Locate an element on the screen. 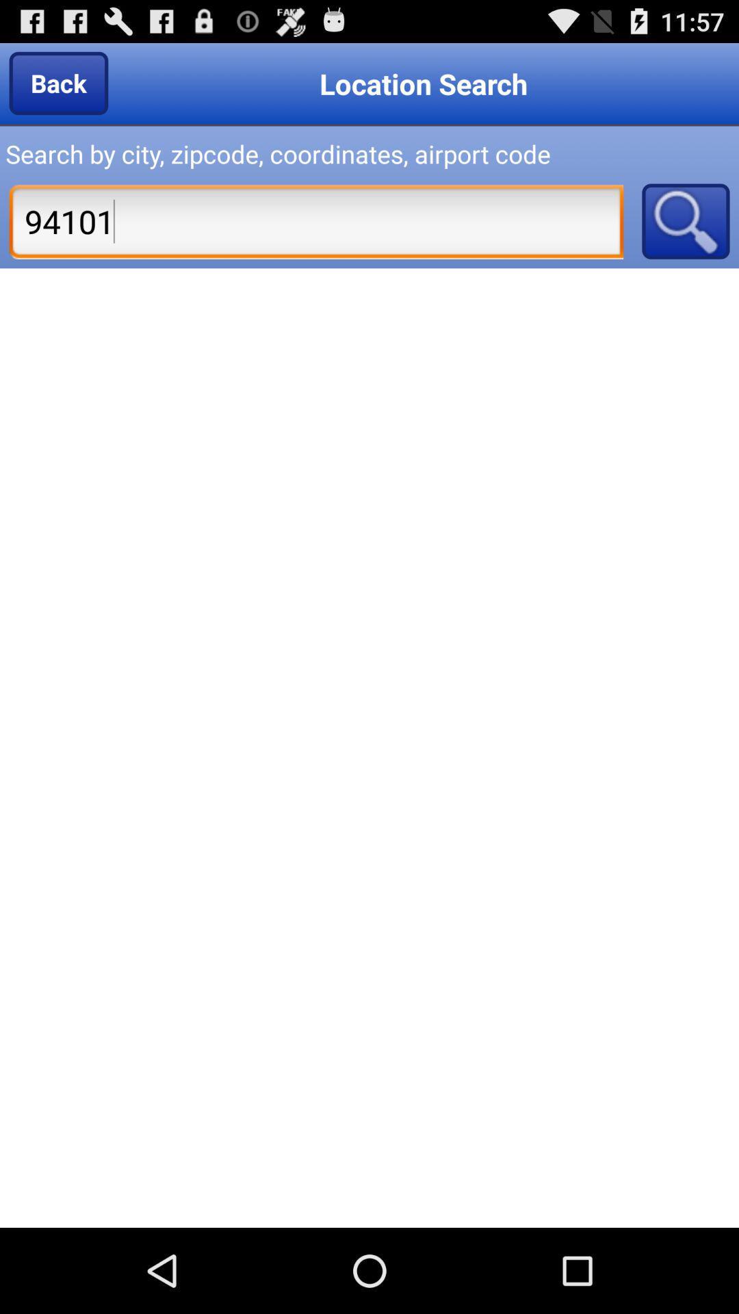 The height and width of the screenshot is (1314, 739). execute search is located at coordinates (686, 221).